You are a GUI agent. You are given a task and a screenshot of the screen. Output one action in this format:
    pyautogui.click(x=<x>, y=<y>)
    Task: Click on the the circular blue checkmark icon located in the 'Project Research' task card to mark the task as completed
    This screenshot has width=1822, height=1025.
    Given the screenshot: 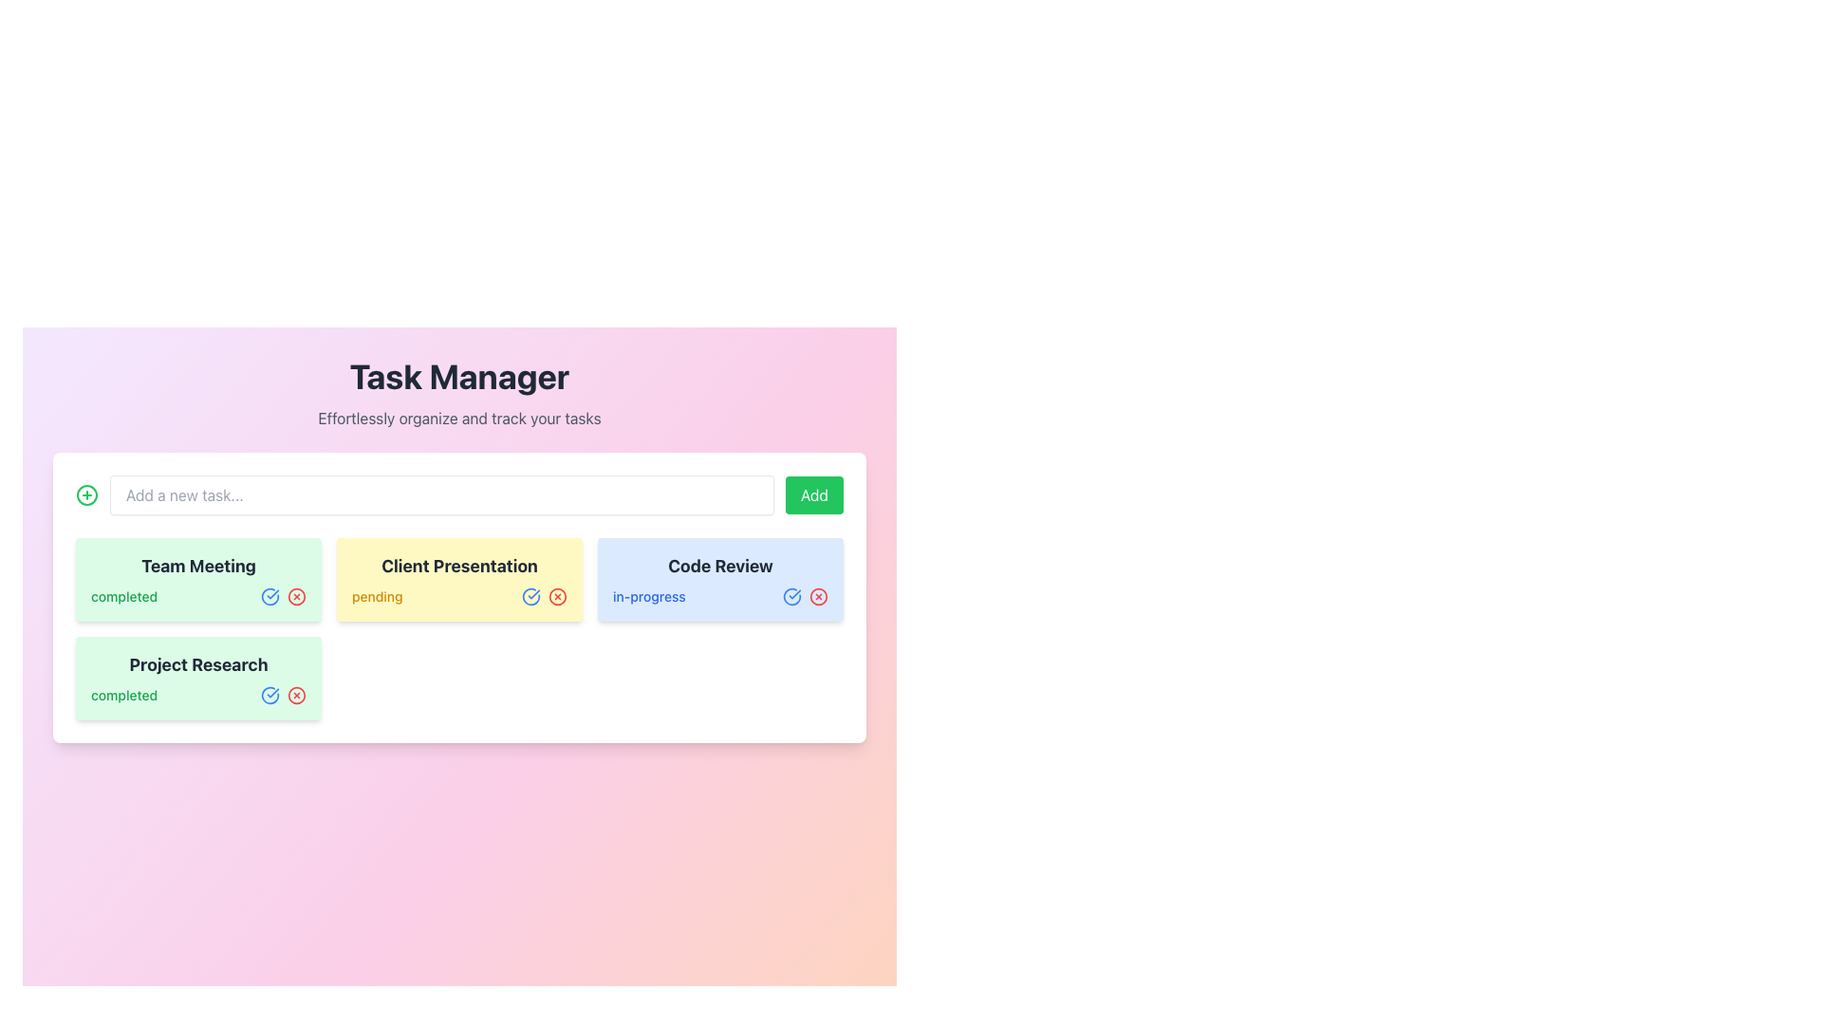 What is the action you would take?
    pyautogui.click(x=269, y=695)
    